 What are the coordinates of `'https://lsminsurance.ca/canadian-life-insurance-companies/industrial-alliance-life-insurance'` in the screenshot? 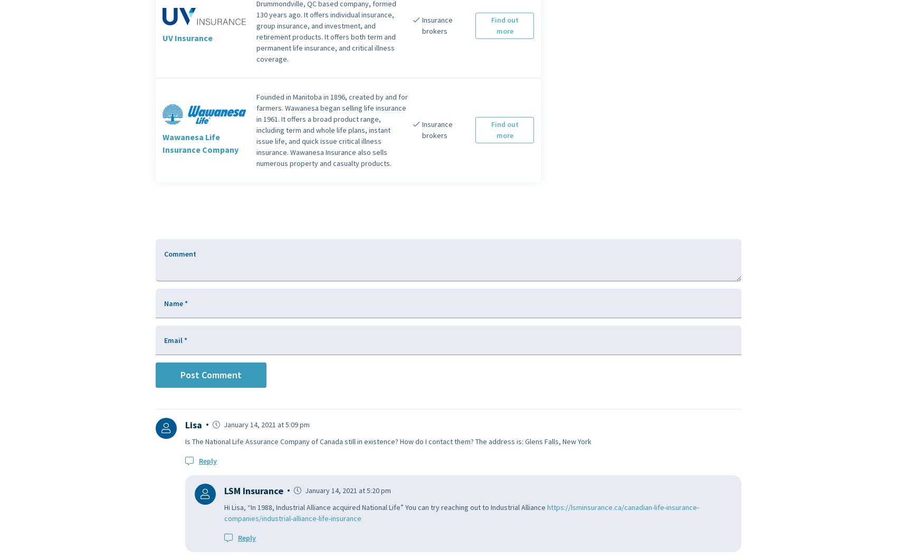 It's located at (461, 512).